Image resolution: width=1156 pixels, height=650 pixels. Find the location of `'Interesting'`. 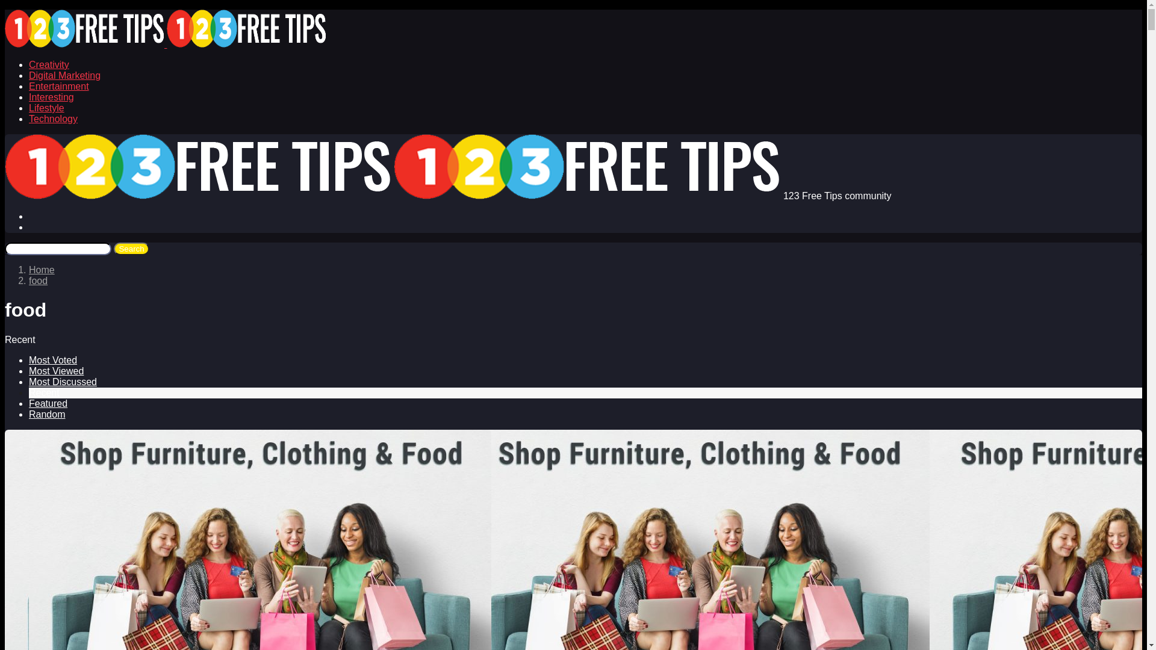

'Interesting' is located at coordinates (51, 96).